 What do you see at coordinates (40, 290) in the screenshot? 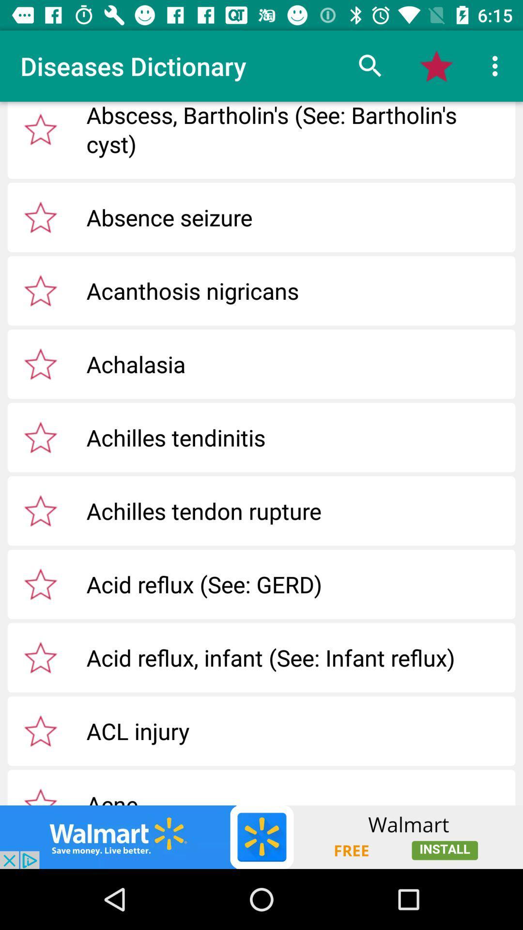
I see `click star to favorite` at bounding box center [40, 290].